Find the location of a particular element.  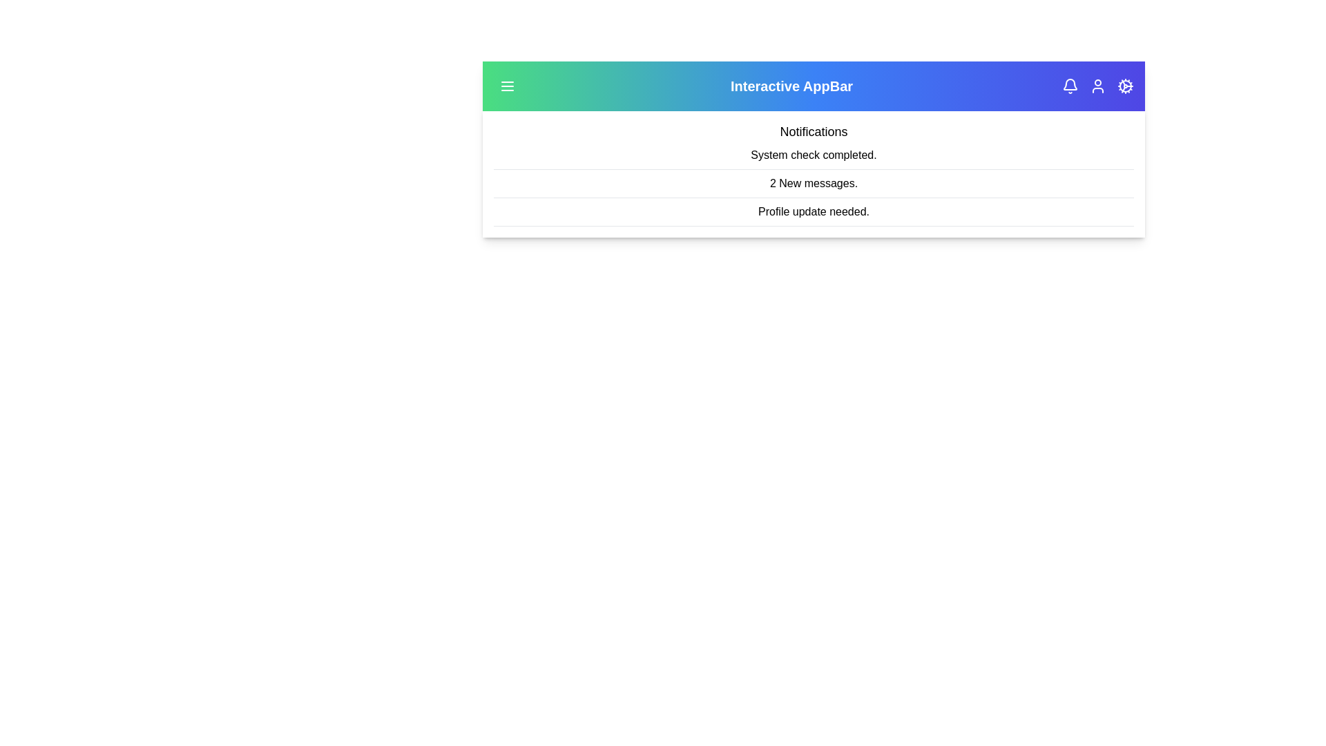

the menu button to toggle the menu panel is located at coordinates (506, 86).